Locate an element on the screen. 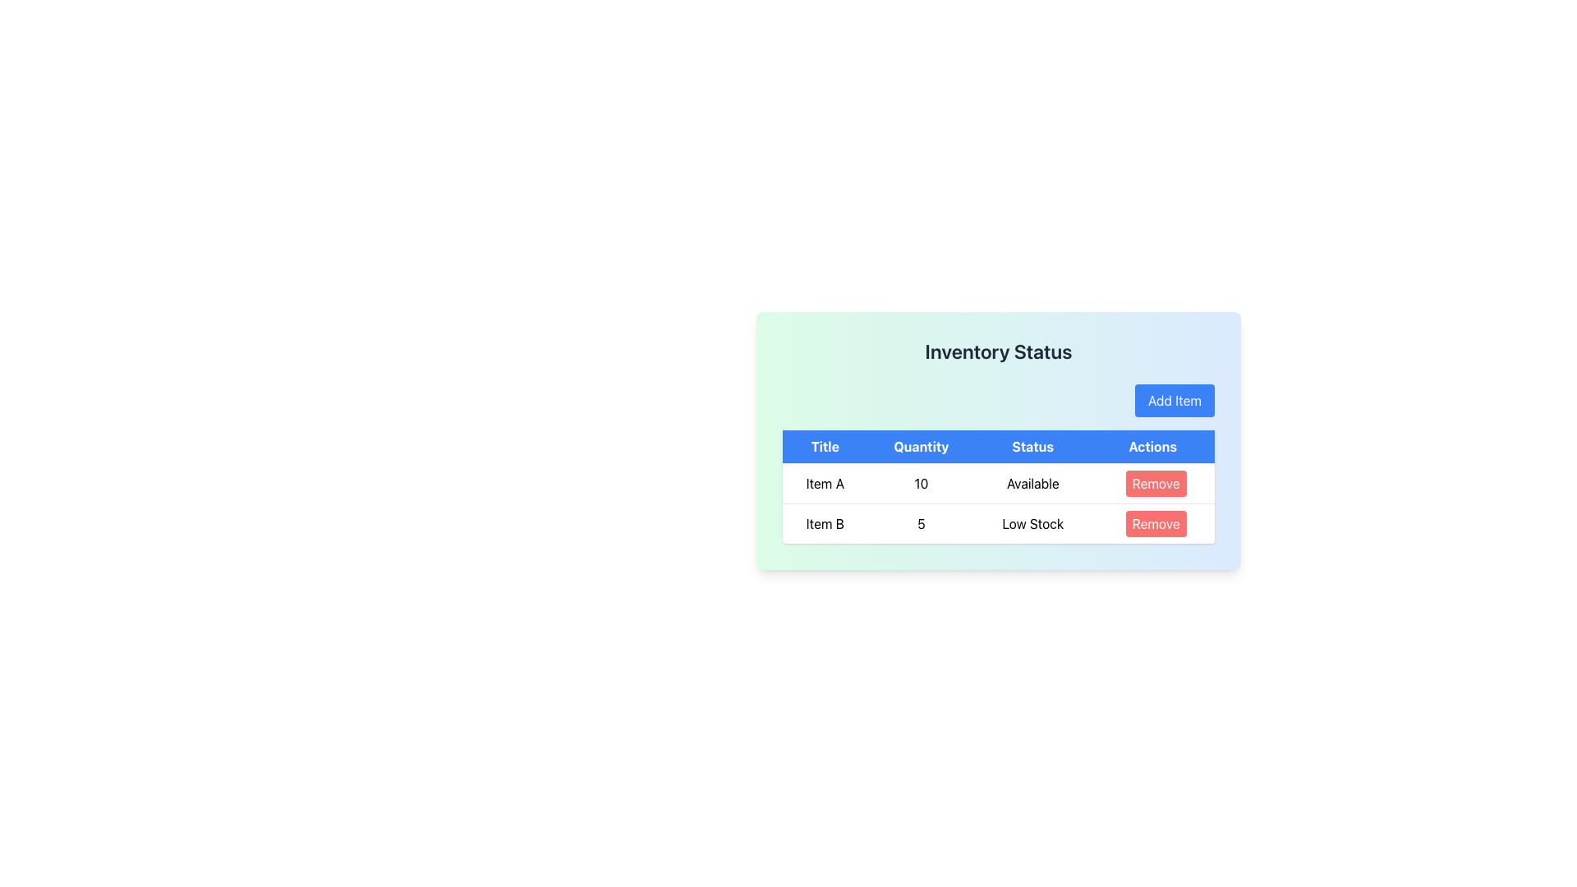  the text label labeled 'Item B' located in the second row of the table under the 'Title' column, which corresponds to the title for the second item in the inventory is located at coordinates (825, 523).